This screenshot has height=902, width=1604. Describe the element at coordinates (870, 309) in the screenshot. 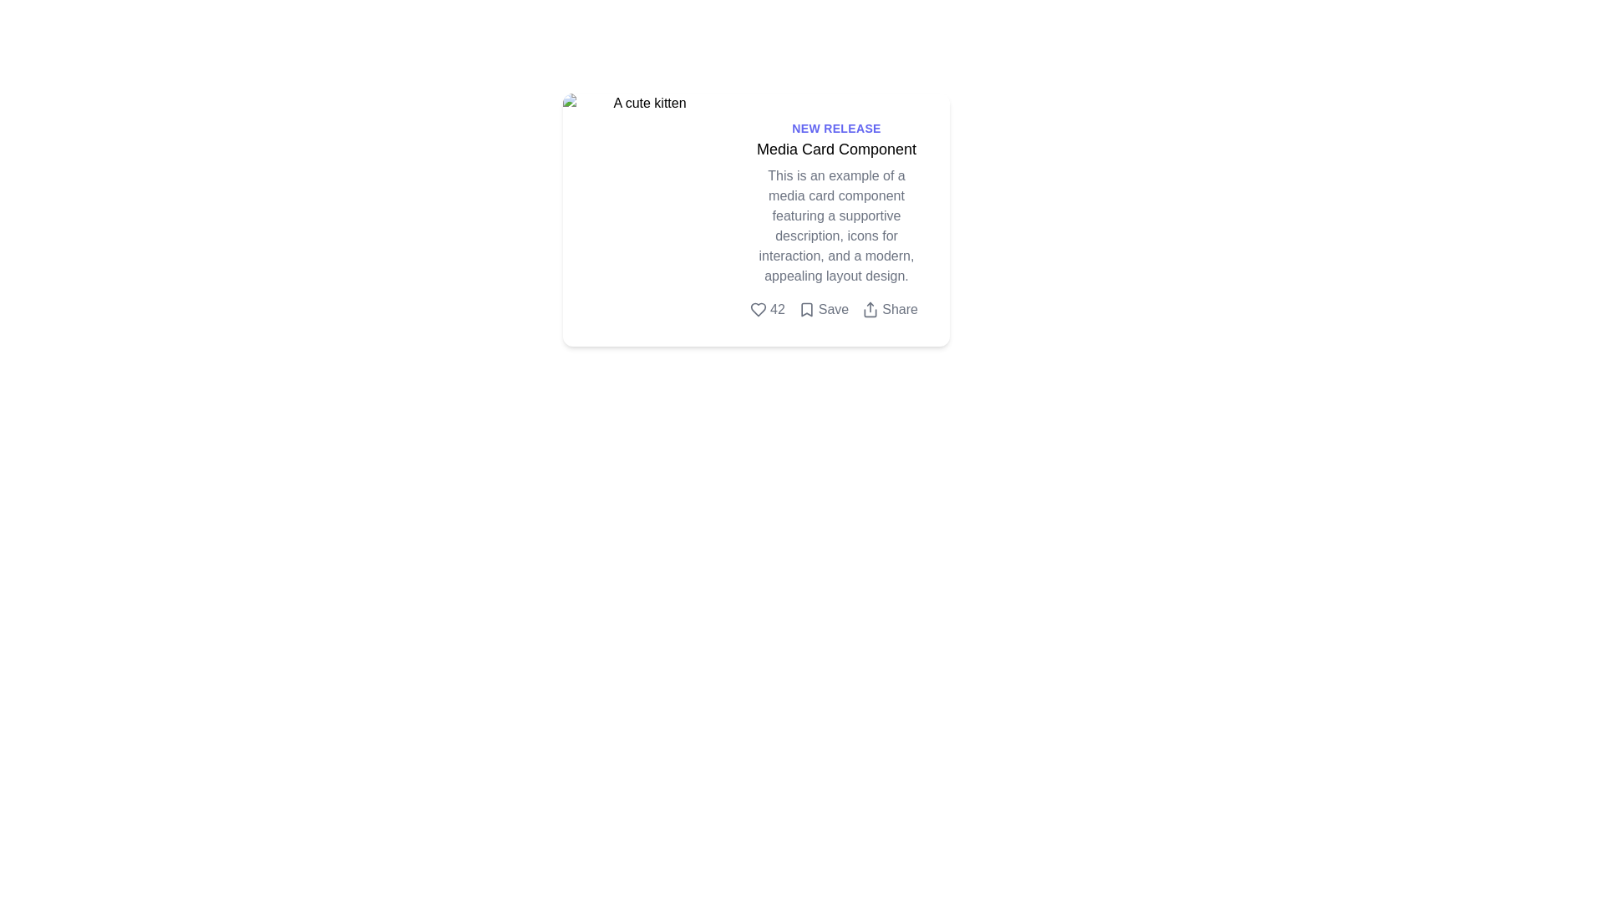

I see `the 'Share' icon located in the bottom-right corner of the widget card` at that location.